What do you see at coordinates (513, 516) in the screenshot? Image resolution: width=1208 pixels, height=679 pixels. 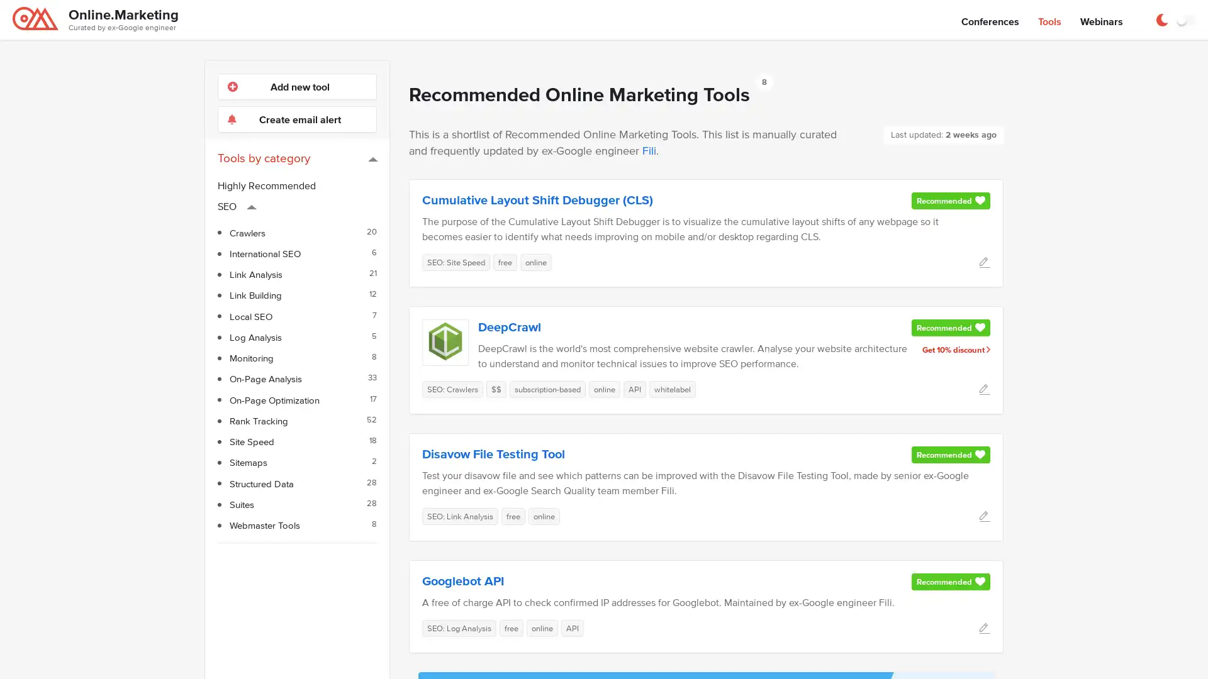 I see `free` at bounding box center [513, 516].